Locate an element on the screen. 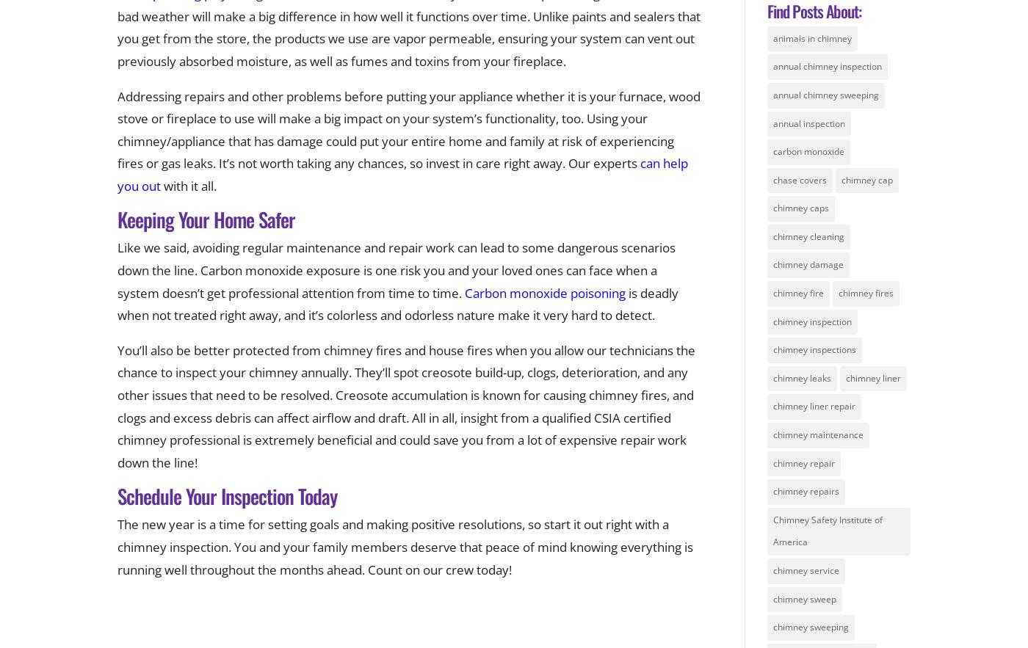 Image resolution: width=1028 pixels, height=648 pixels. 'The new year is a time for setting goals and making positive resolutions, so start it out right with a chimney inspection. You and your family members deserve that peace of mind knowing everything is running well throughout the months ahead. Count on our crew today!' is located at coordinates (405, 545).